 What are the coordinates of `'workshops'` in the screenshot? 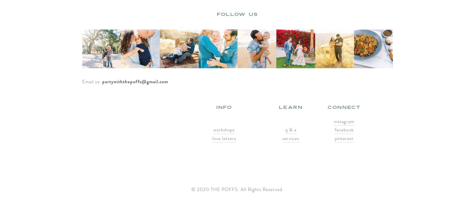 It's located at (224, 129).